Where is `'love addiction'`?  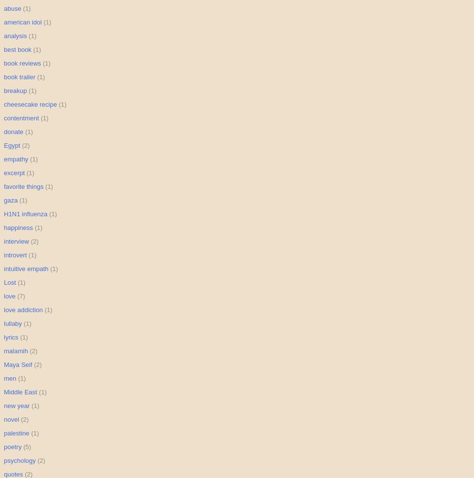 'love addiction' is located at coordinates (23, 309).